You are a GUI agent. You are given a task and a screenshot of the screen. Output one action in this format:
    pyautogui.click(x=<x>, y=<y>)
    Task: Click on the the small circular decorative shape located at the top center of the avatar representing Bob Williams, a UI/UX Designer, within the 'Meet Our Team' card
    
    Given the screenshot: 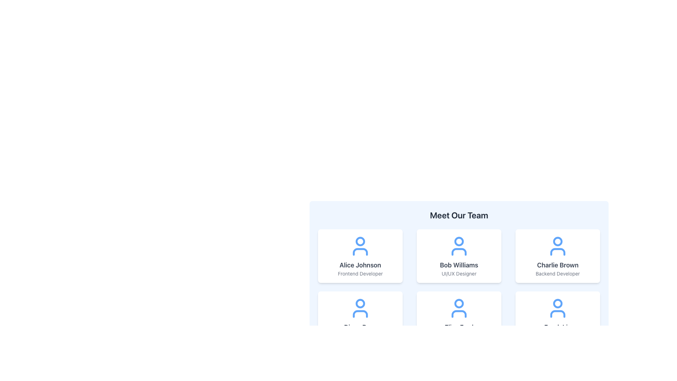 What is the action you would take?
    pyautogui.click(x=459, y=241)
    